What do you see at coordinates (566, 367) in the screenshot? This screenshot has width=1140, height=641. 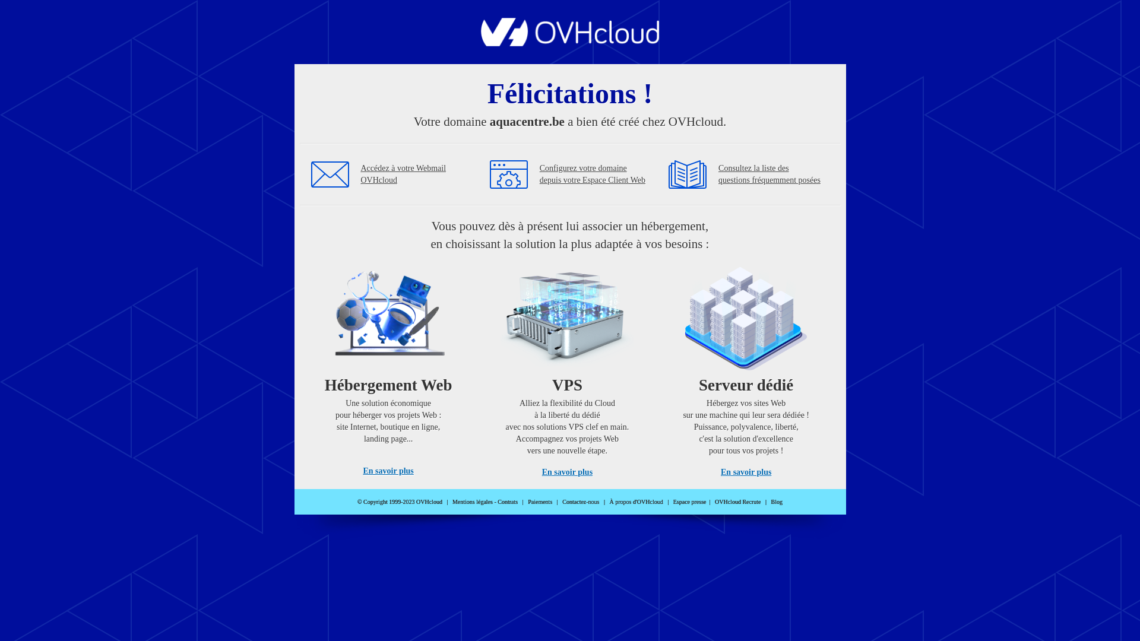 I see `'VPS'` at bounding box center [566, 367].